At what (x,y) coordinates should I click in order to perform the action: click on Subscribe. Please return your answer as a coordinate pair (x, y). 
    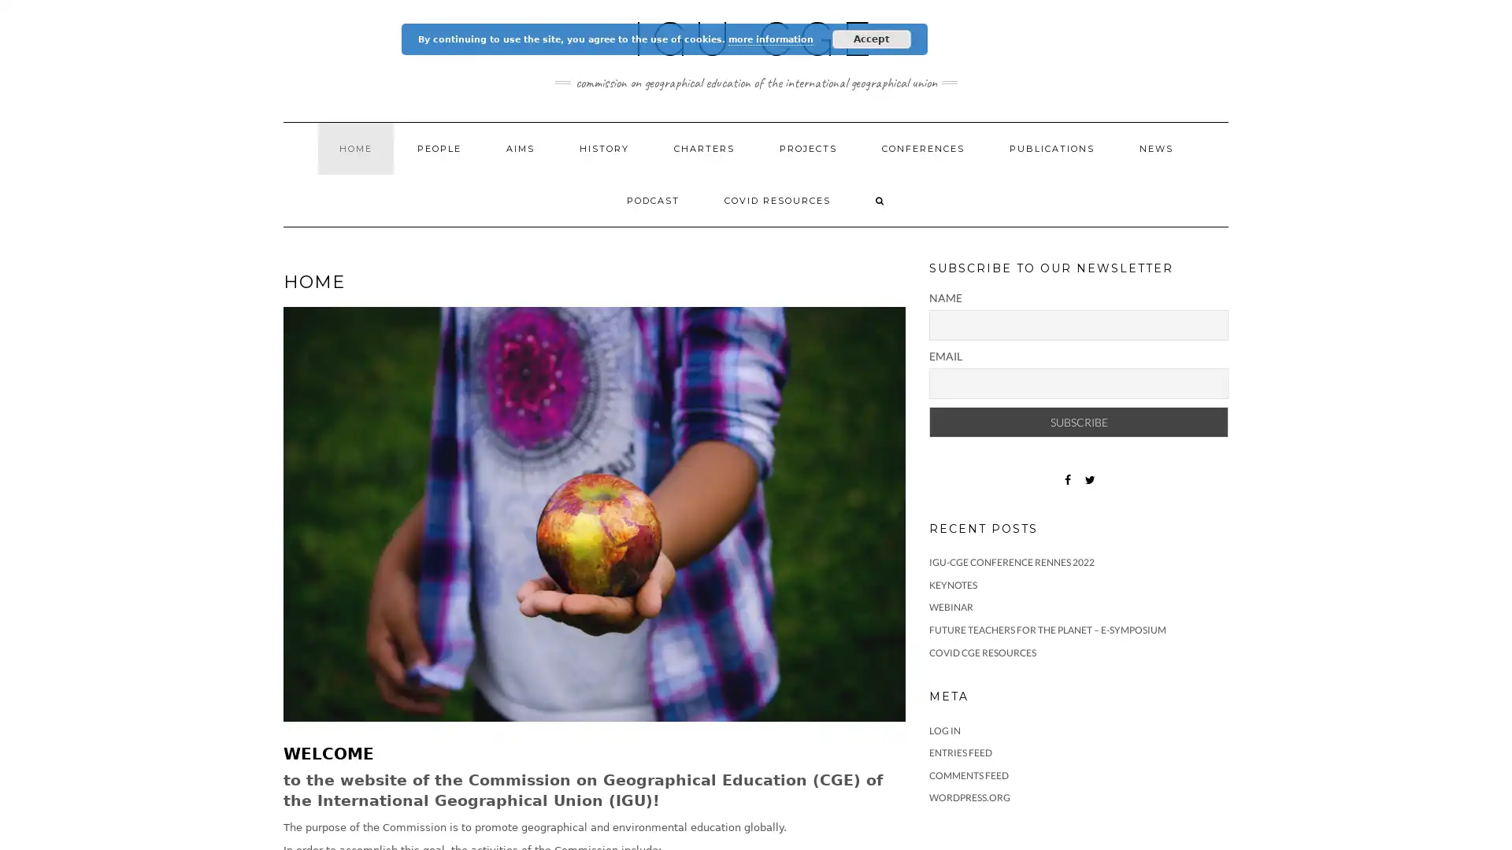
    Looking at the image, I should click on (1077, 421).